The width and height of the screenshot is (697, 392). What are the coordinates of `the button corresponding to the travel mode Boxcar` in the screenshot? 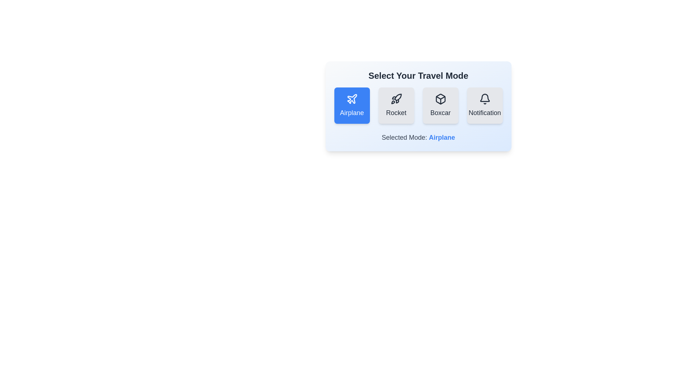 It's located at (440, 105).